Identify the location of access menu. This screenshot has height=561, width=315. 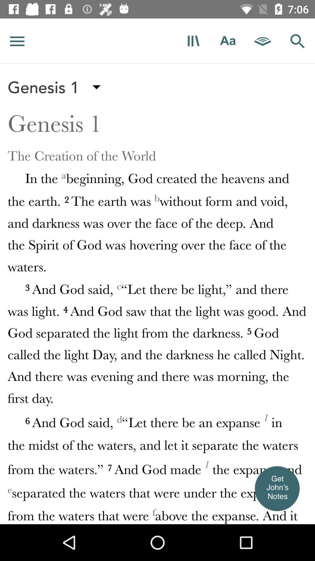
(17, 41).